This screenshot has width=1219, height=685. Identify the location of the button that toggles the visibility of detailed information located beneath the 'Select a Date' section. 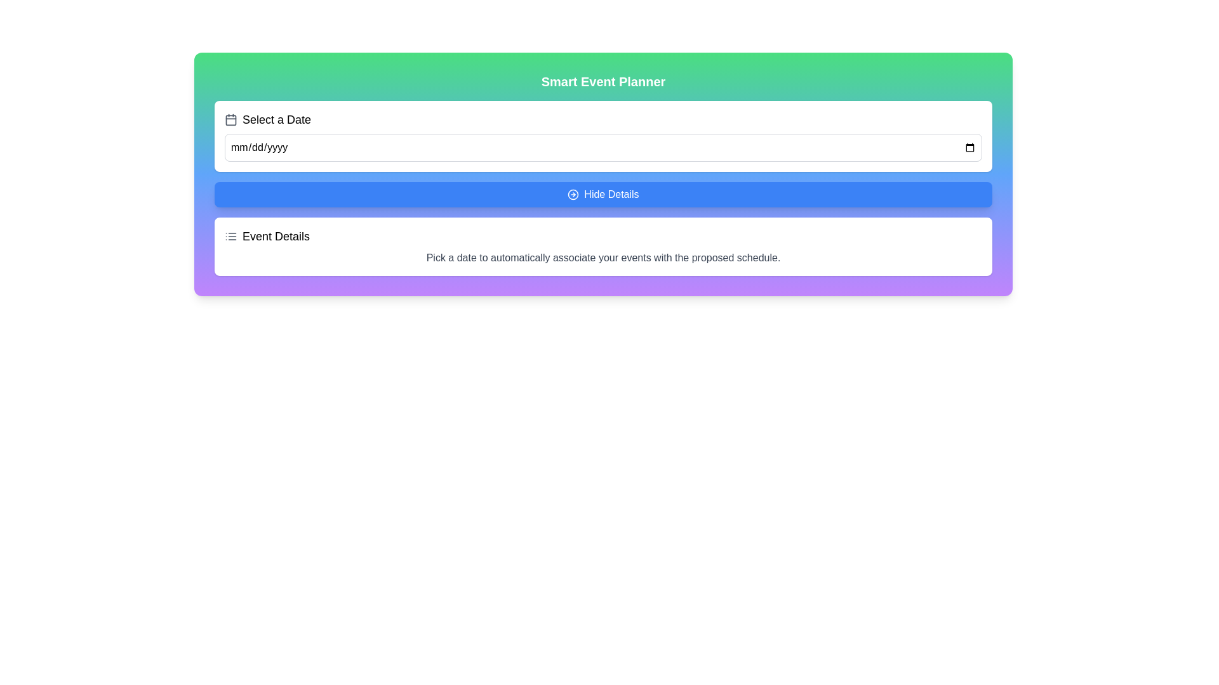
(603, 195).